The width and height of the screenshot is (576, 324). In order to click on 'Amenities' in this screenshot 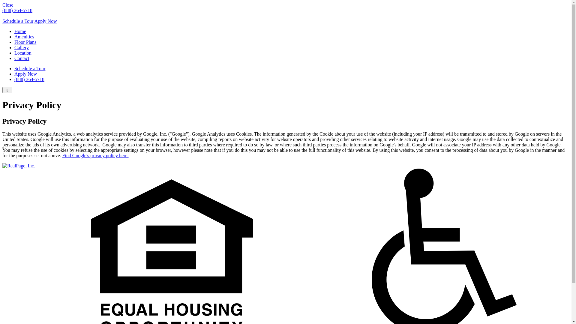, I will do `click(24, 37)`.